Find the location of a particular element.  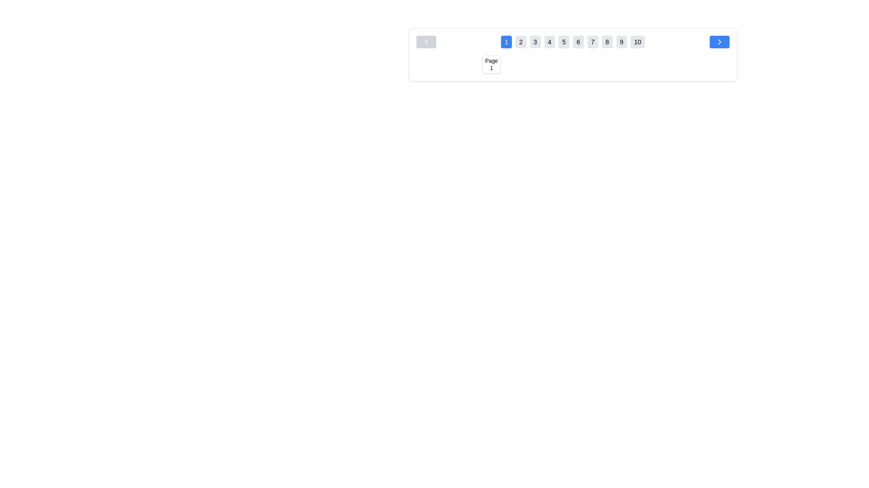

the 'Page 4' button, which is the fourth button in a horizontal pagination control interface is located at coordinates (545, 64).